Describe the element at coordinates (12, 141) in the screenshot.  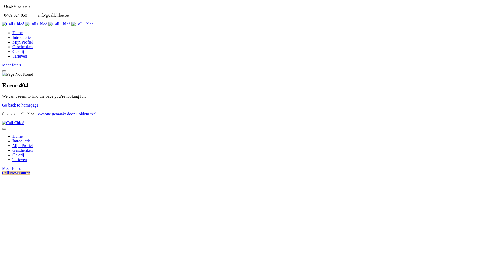
I see `'Introductie'` at that location.